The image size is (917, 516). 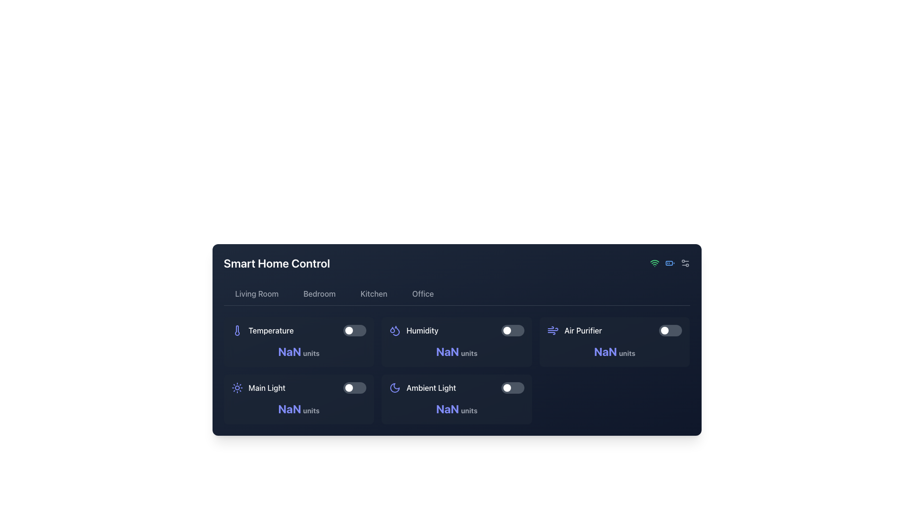 What do you see at coordinates (256, 293) in the screenshot?
I see `the 'Living Room' navigation tab` at bounding box center [256, 293].